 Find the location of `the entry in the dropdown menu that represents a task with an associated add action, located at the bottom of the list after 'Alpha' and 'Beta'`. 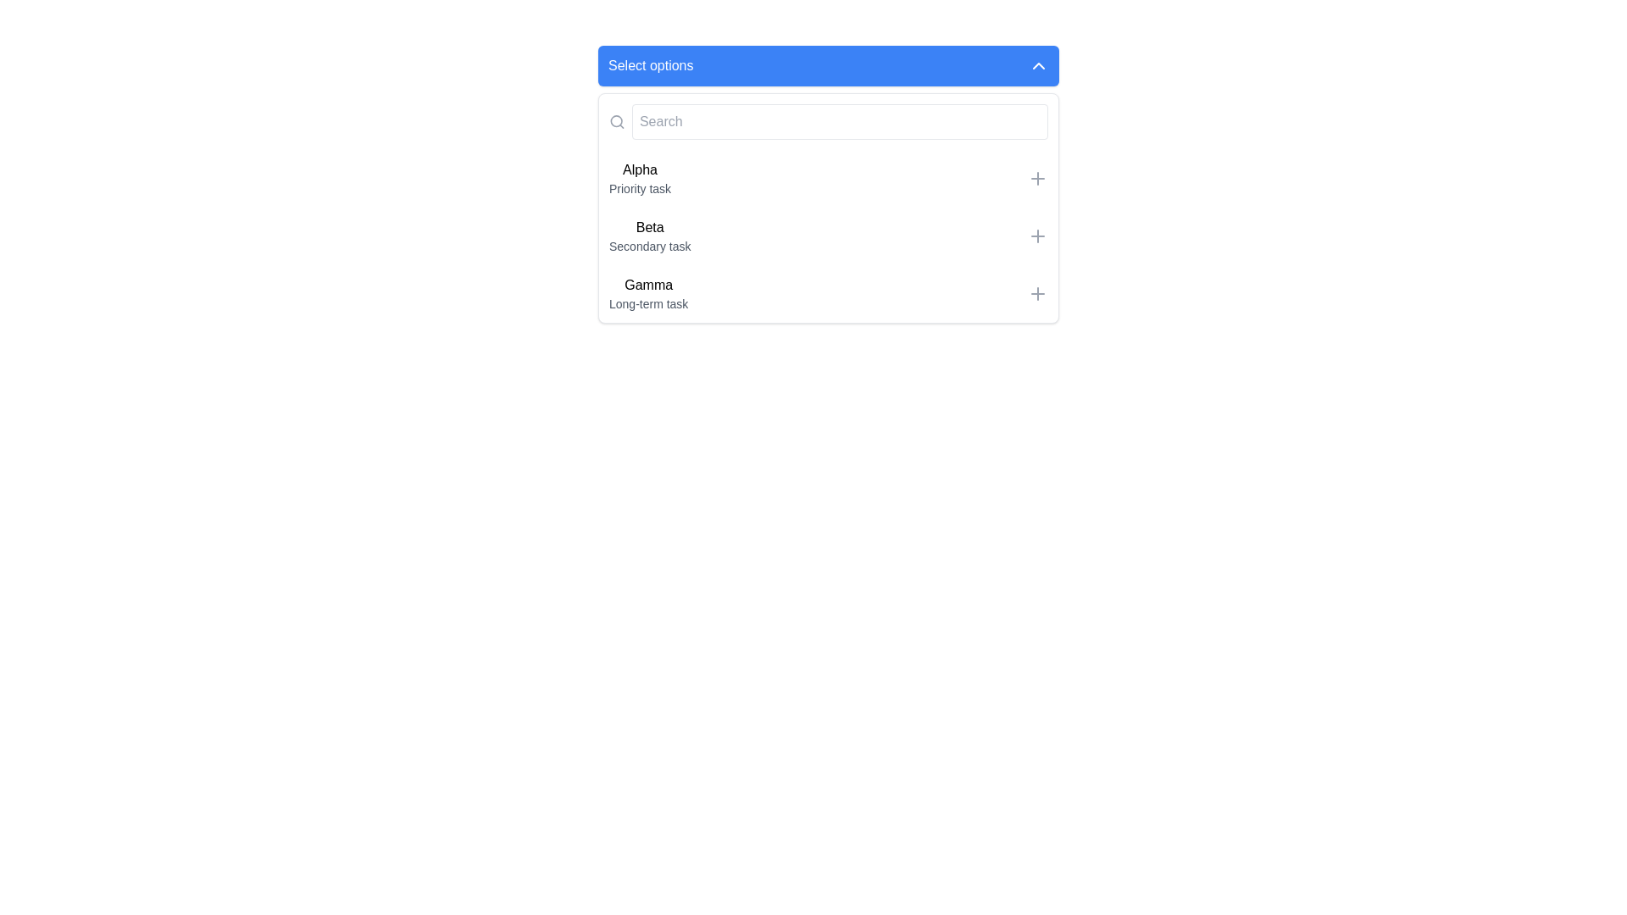

the entry in the dropdown menu that represents a task with an associated add action, located at the bottom of the list after 'Alpha' and 'Beta' is located at coordinates (829, 293).